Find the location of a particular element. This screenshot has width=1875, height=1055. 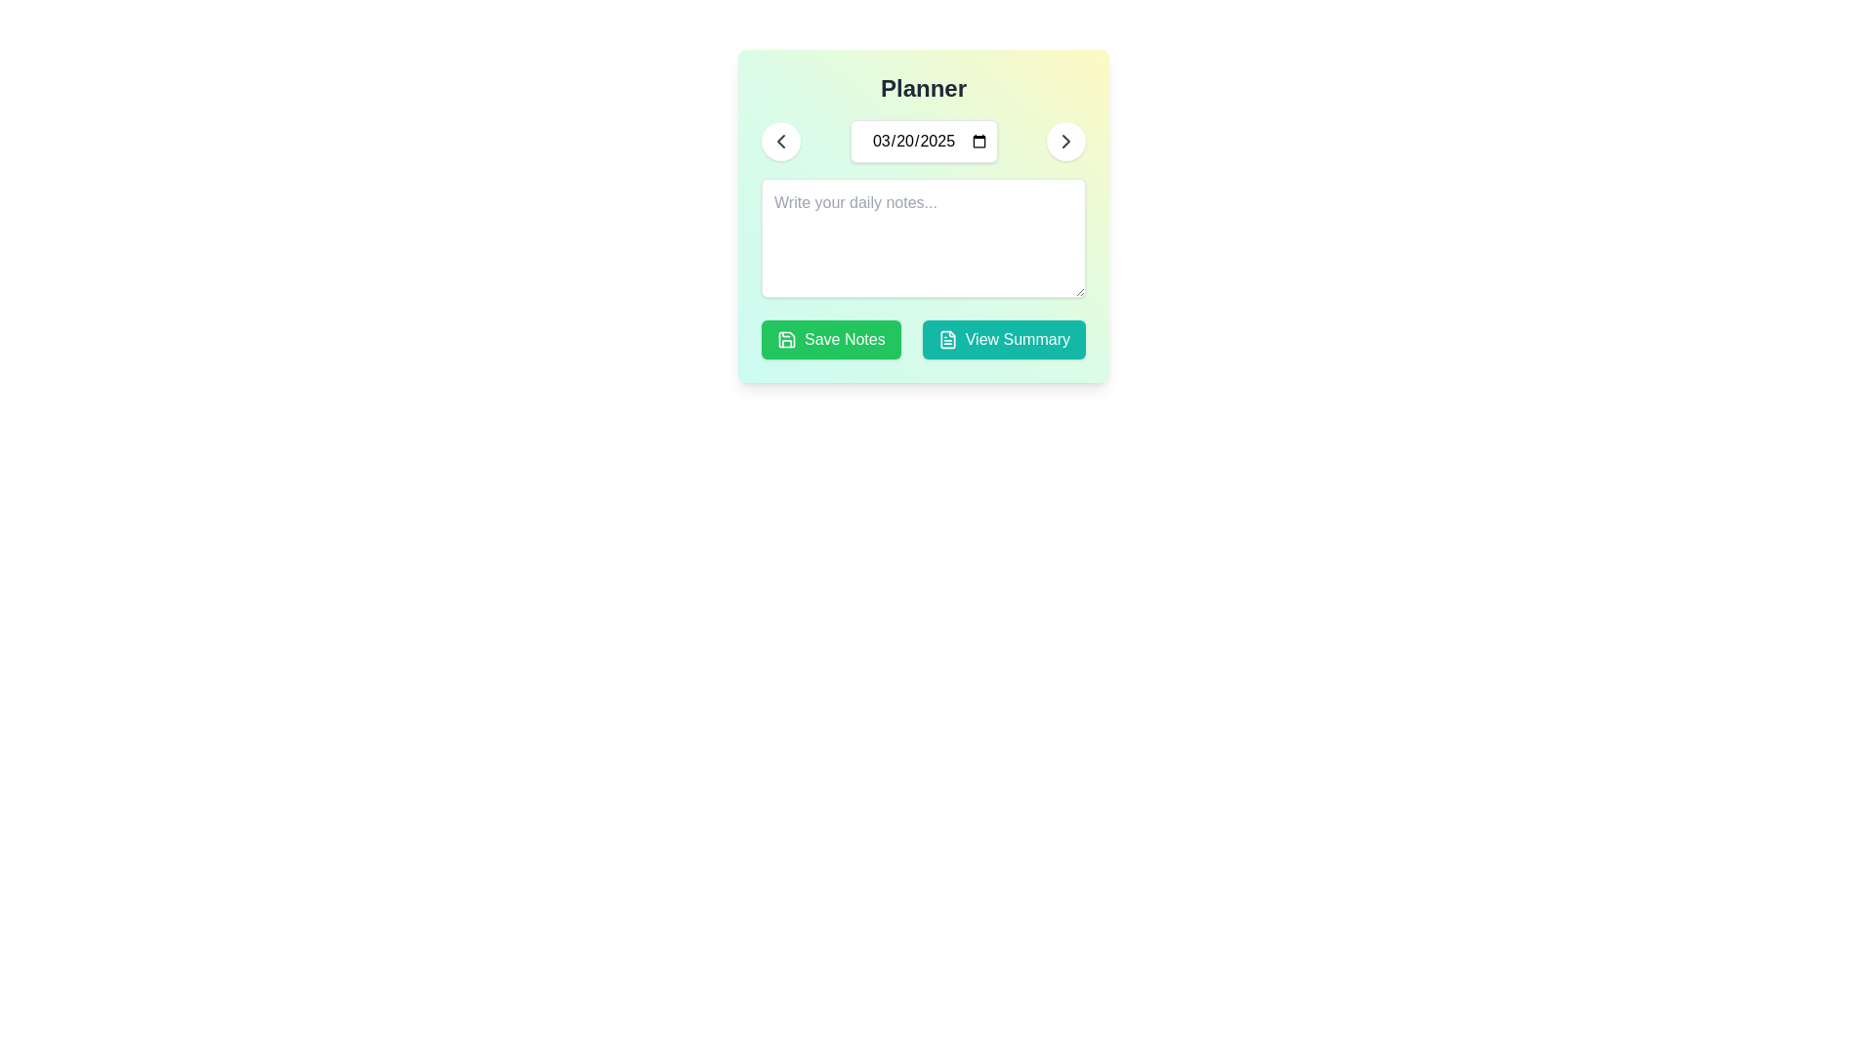

the green save icon that resembles a floppy disk, which is part of the 'Save Notes' button located below the planner input section is located at coordinates (787, 338).